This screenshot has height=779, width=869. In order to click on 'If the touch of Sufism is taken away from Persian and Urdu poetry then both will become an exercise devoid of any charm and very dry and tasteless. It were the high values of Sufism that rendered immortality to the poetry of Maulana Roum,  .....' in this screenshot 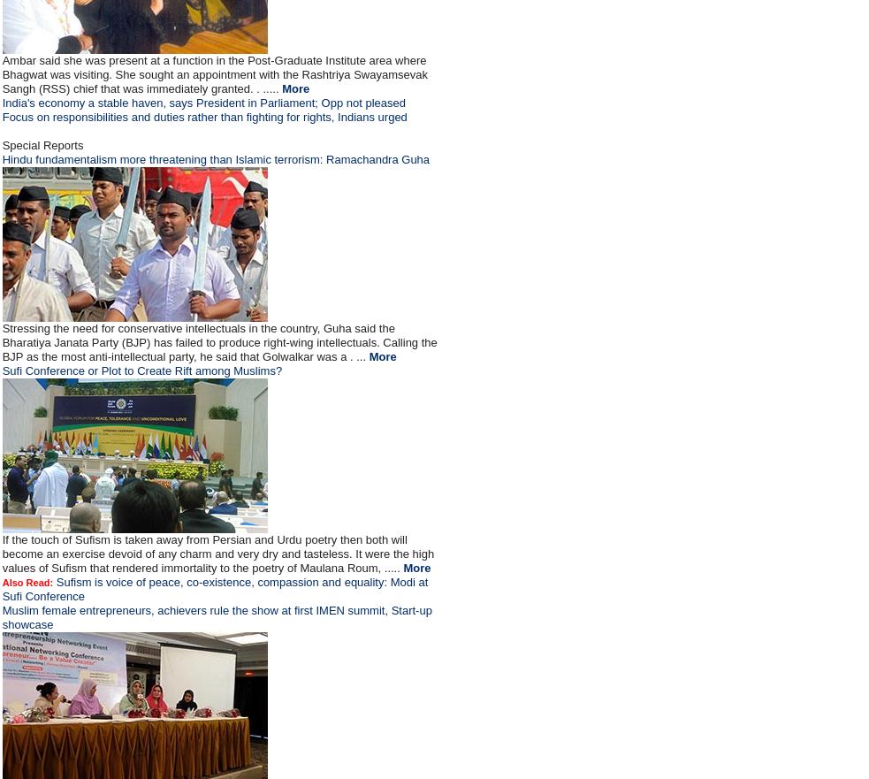, I will do `click(217, 553)`.